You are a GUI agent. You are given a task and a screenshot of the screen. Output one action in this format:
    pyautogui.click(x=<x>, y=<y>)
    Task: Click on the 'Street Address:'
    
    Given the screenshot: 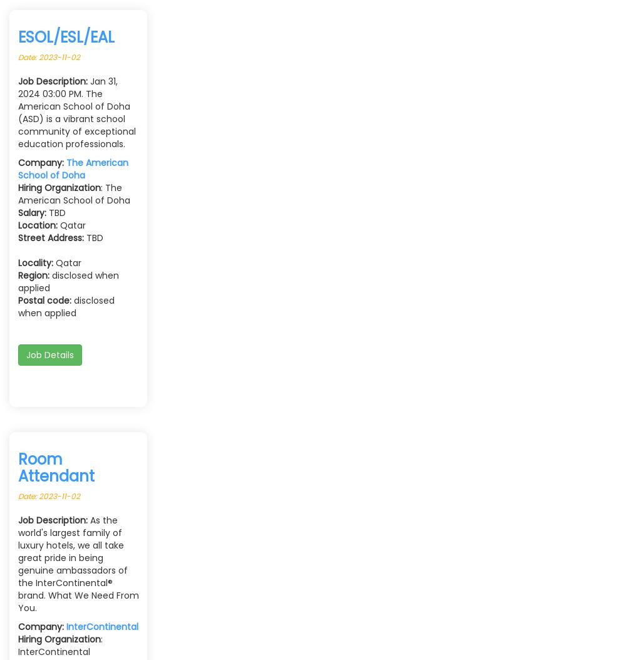 What is the action you would take?
    pyautogui.click(x=51, y=237)
    